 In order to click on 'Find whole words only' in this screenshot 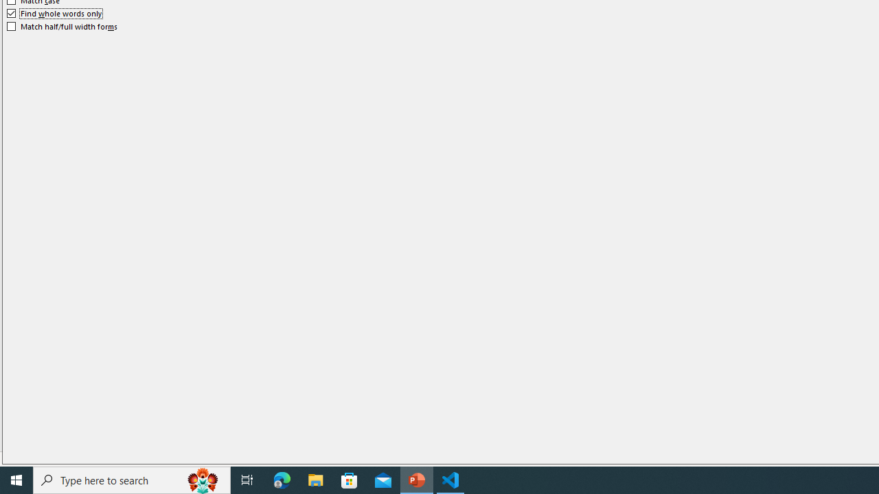, I will do `click(55, 14)`.